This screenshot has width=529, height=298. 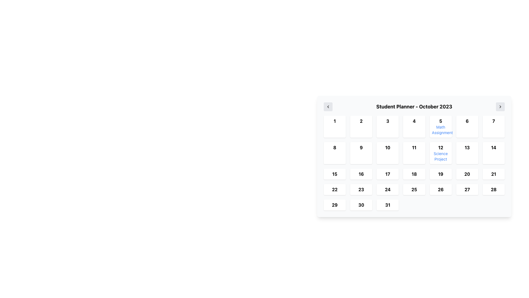 I want to click on the Calendar date cell displaying '31', so click(x=387, y=205).